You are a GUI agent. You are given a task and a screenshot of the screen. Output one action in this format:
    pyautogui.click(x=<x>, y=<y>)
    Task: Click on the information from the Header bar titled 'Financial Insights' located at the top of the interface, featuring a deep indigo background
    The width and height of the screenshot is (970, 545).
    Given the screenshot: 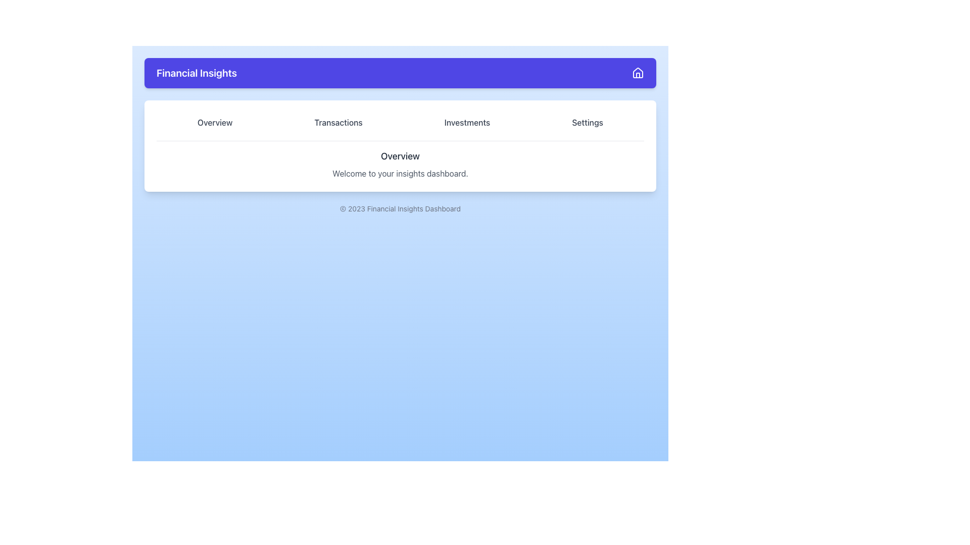 What is the action you would take?
    pyautogui.click(x=400, y=73)
    